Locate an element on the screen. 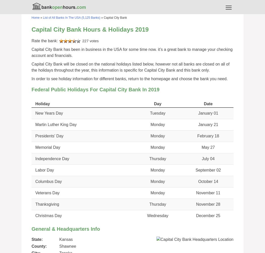  'Capital City Bank will be closed on the national holidays listed below, however not all banks are closed on all of the holidays throughout the year, this information is specific for Capital City Bank and this bank only.' is located at coordinates (130, 67).